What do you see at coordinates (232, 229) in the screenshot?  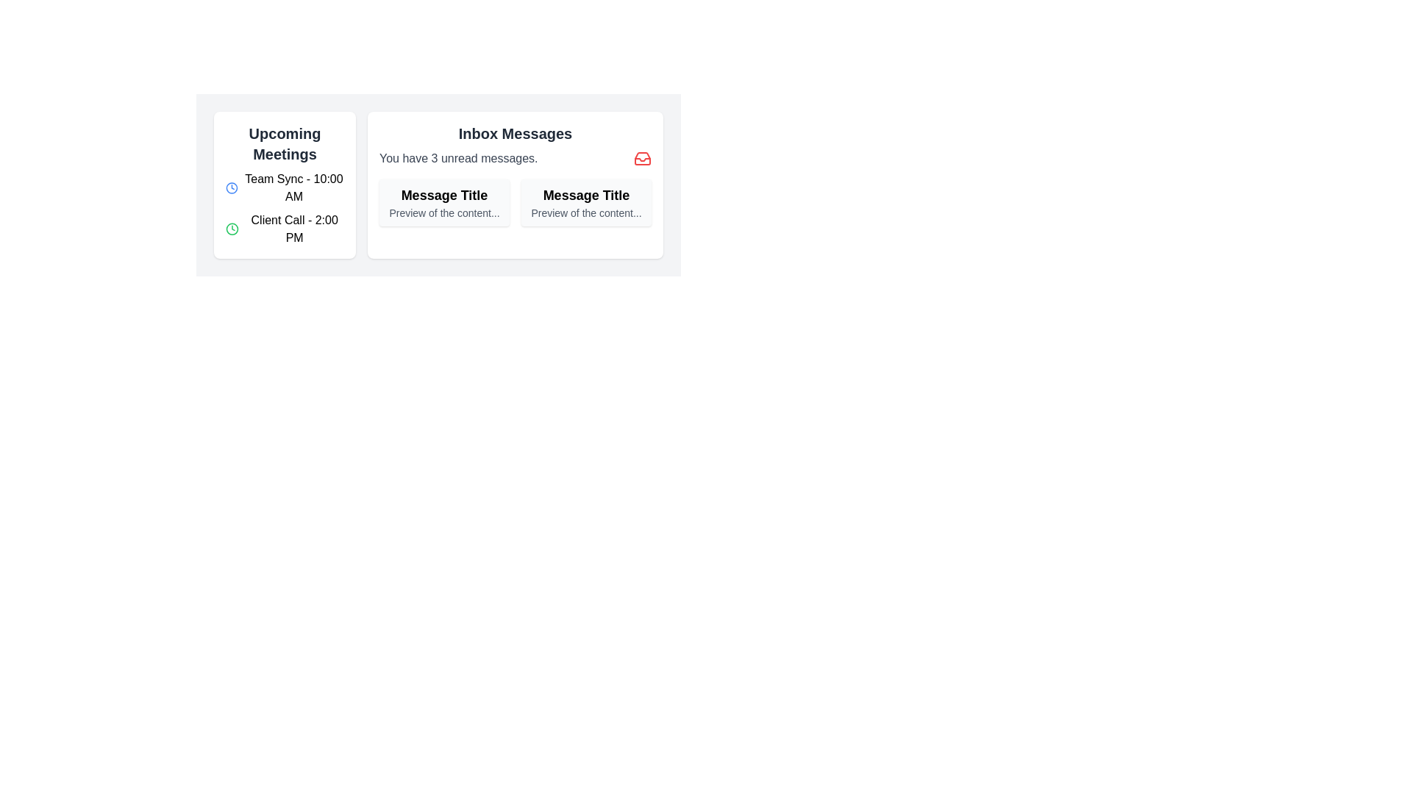 I see `the area surrounding the time-related indicator icon located to the left of the text 'Client Call - 2:00 PM' in the 'Upcoming Meetings' section for additional information` at bounding box center [232, 229].